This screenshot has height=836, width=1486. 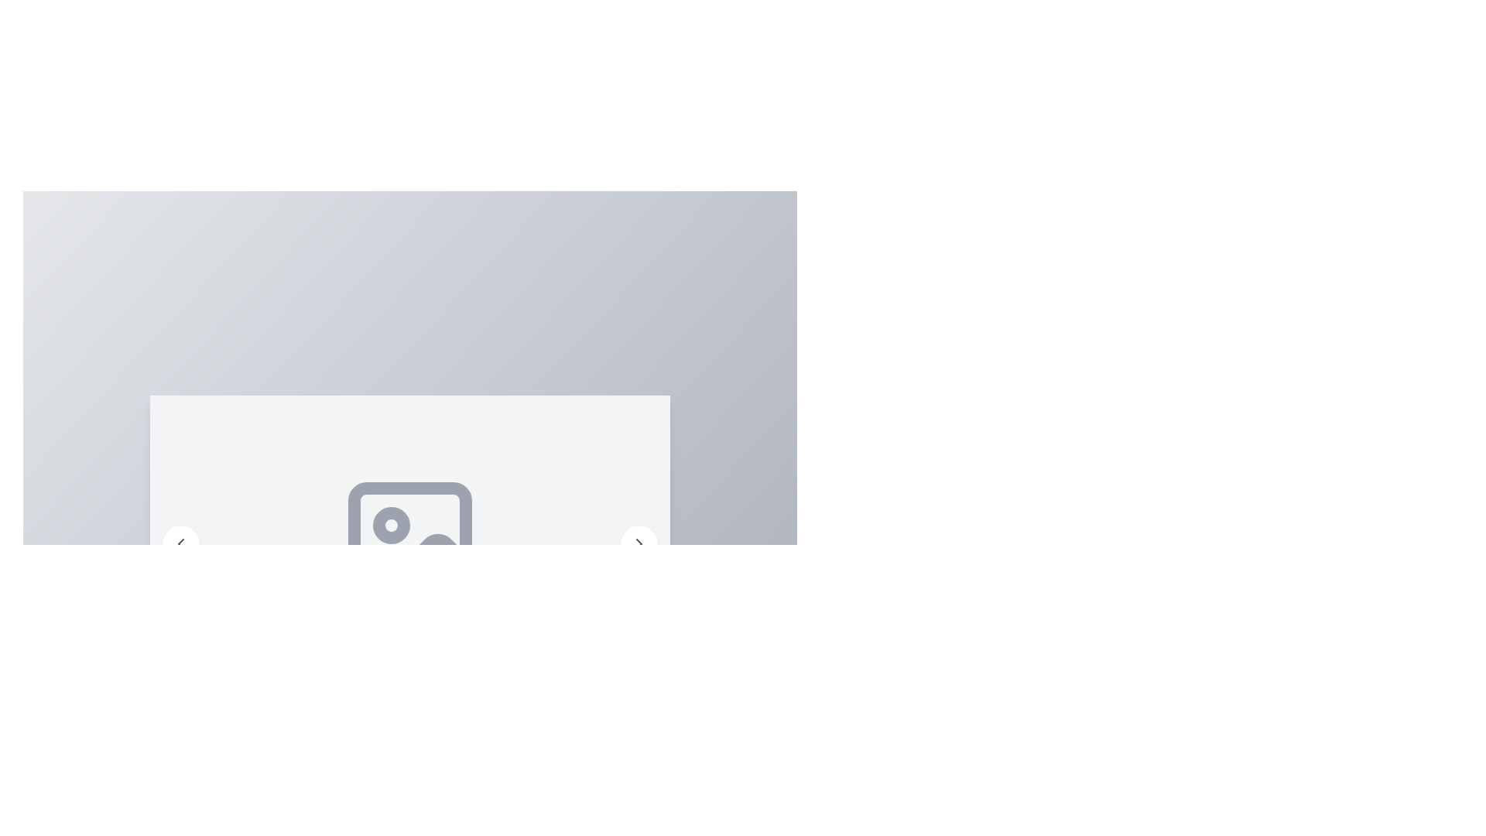 I want to click on the left-pointing chevron SVG icon located inside a white circular button in the bottom-left area of the interface to activate its navigation function, so click(x=181, y=543).